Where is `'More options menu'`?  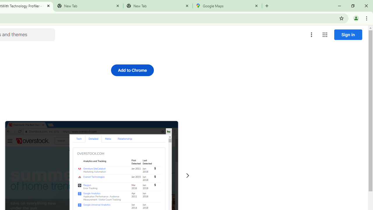
'More options menu' is located at coordinates (311, 35).